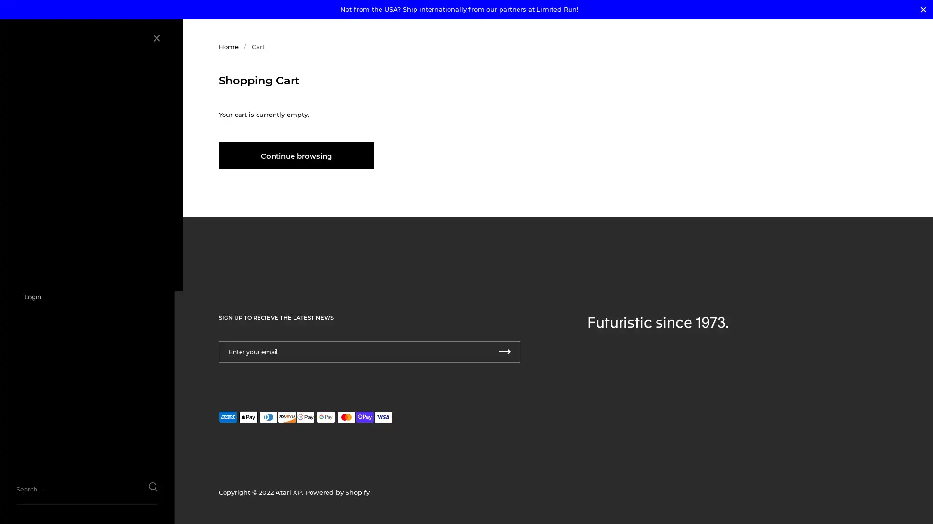  Describe the element at coordinates (144, 491) in the screenshot. I see `Submit` at that location.